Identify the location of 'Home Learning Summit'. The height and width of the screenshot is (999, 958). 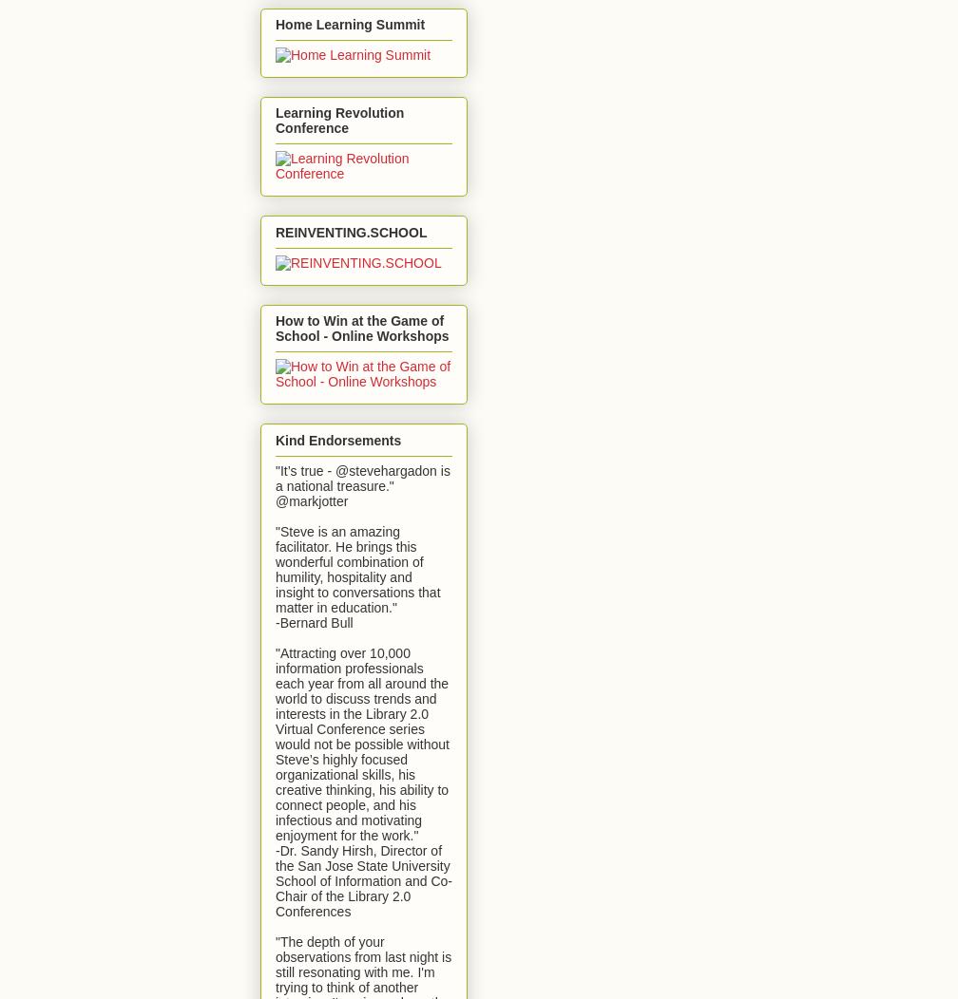
(350, 24).